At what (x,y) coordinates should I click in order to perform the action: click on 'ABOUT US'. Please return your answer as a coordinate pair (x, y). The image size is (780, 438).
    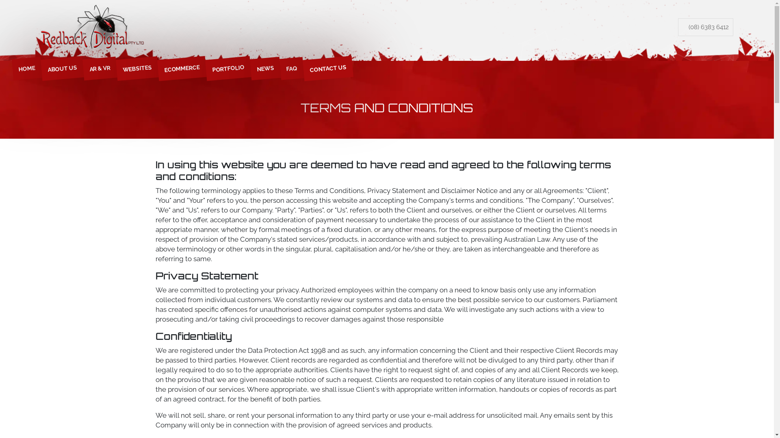
    Looking at the image, I should click on (61, 67).